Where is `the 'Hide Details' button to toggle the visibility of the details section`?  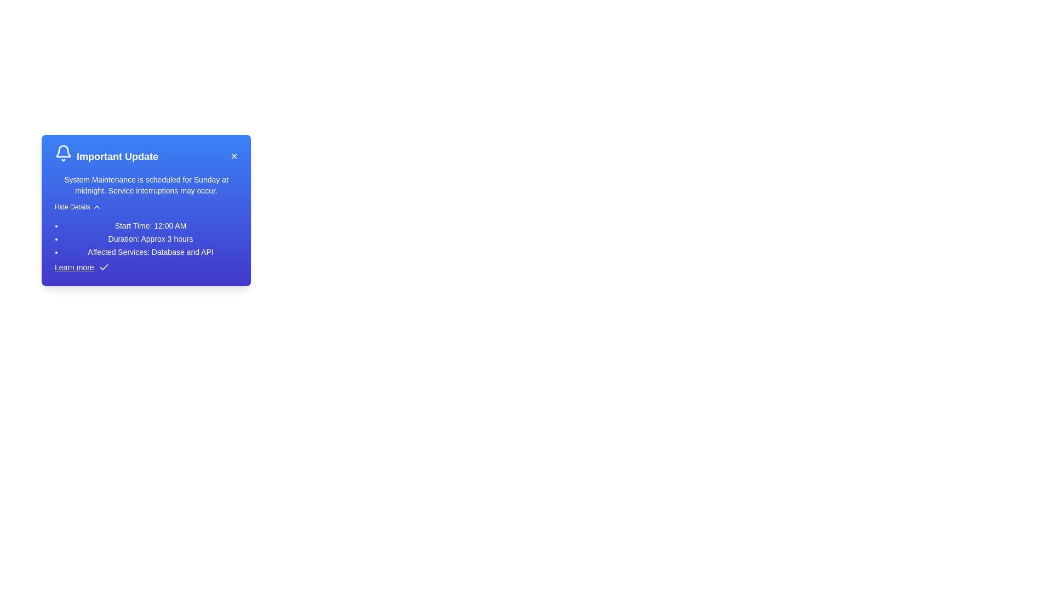 the 'Hide Details' button to toggle the visibility of the details section is located at coordinates (77, 207).